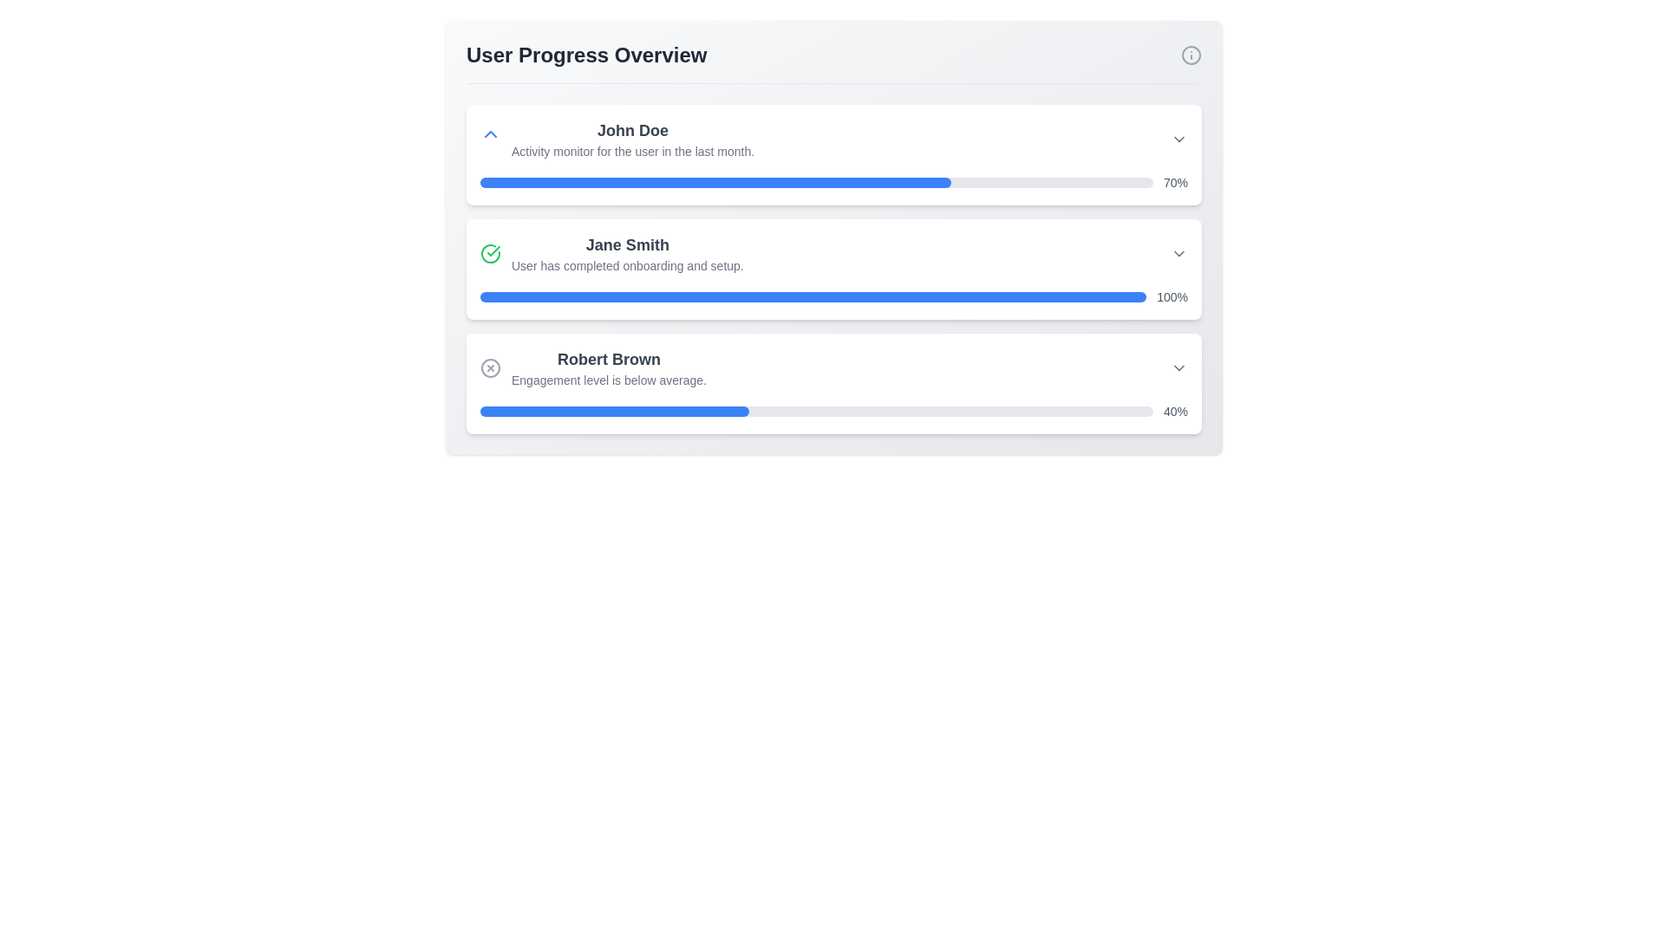 The image size is (1665, 936). What do you see at coordinates (1179, 367) in the screenshot?
I see `the Icon button located at the far right of Robert Brown's row` at bounding box center [1179, 367].